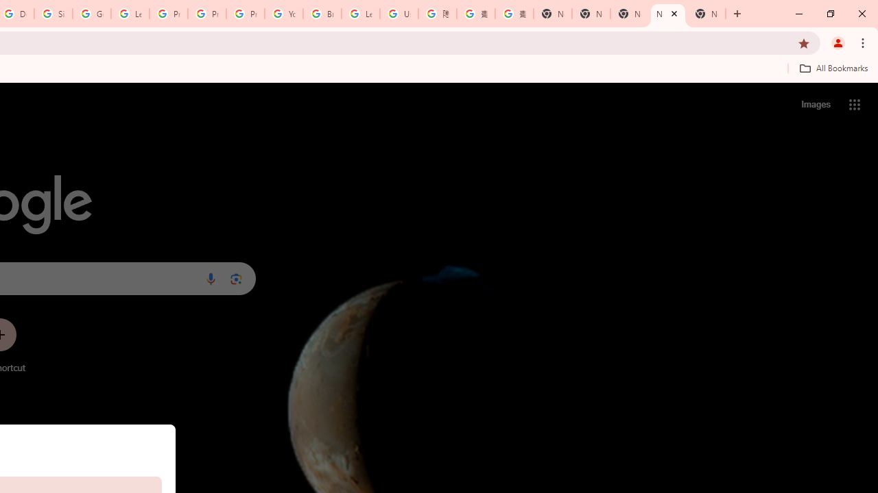  What do you see at coordinates (321, 14) in the screenshot?
I see `'Browse Chrome as a guest - Computer - Google Chrome Help'` at bounding box center [321, 14].